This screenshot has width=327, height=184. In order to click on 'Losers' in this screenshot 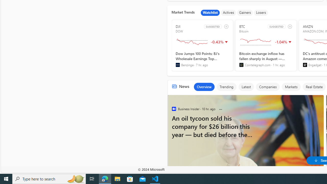, I will do `click(261, 13)`.